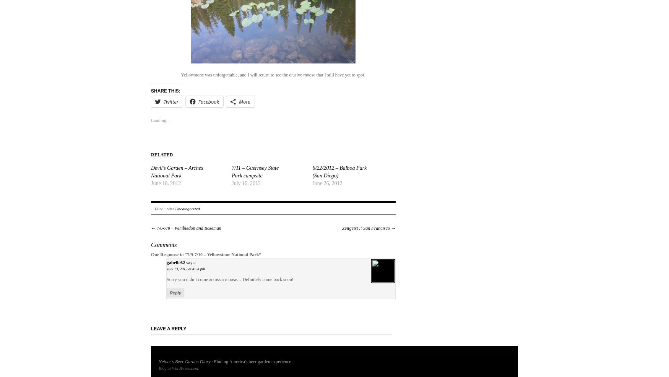  Describe the element at coordinates (239, 102) in the screenshot. I see `'More'` at that location.